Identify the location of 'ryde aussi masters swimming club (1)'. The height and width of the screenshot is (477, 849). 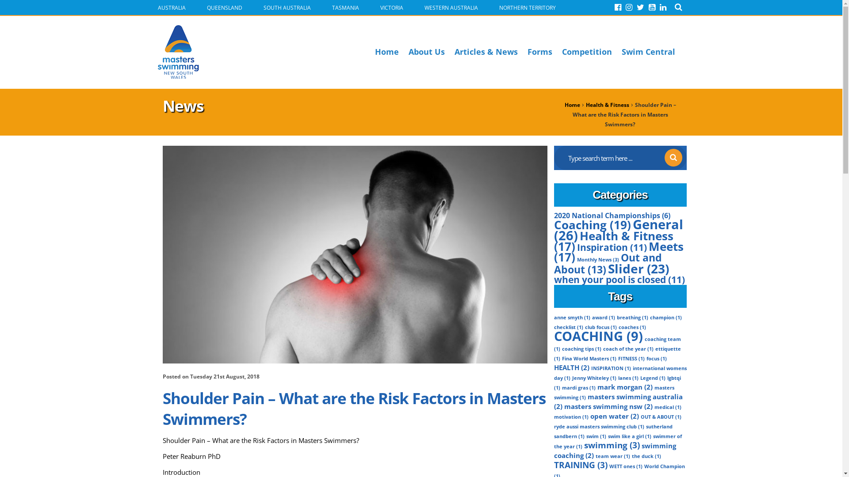
(598, 426).